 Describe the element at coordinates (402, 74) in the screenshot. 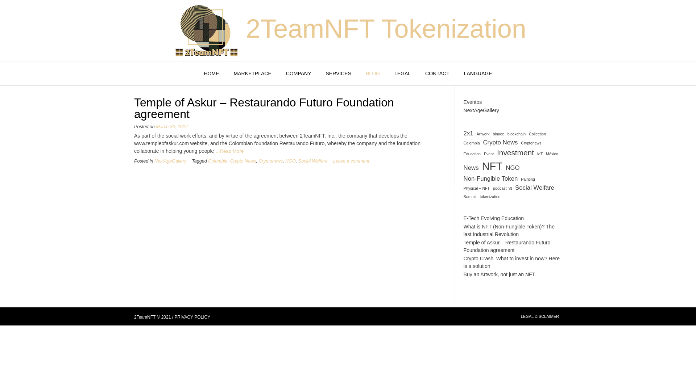

I see `'LEGAL'` at that location.